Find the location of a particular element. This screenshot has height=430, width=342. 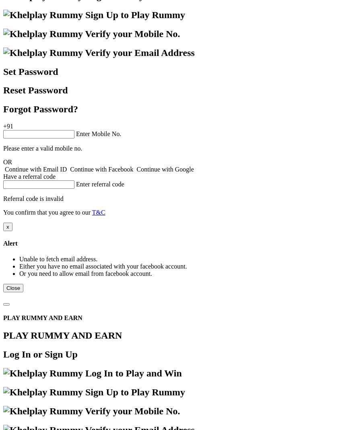

'Continue with Google' is located at coordinates (164, 169).